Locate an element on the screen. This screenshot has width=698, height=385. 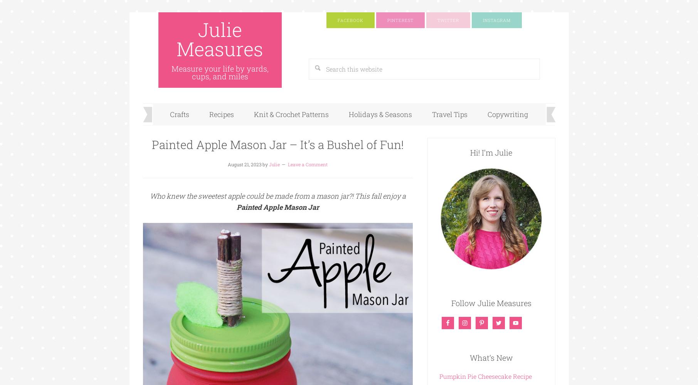
'Twitter' is located at coordinates (448, 20).